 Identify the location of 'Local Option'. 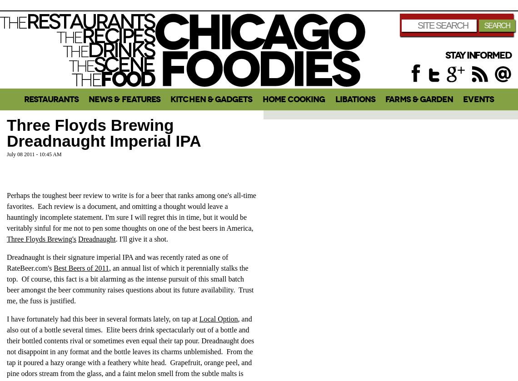
(218, 318).